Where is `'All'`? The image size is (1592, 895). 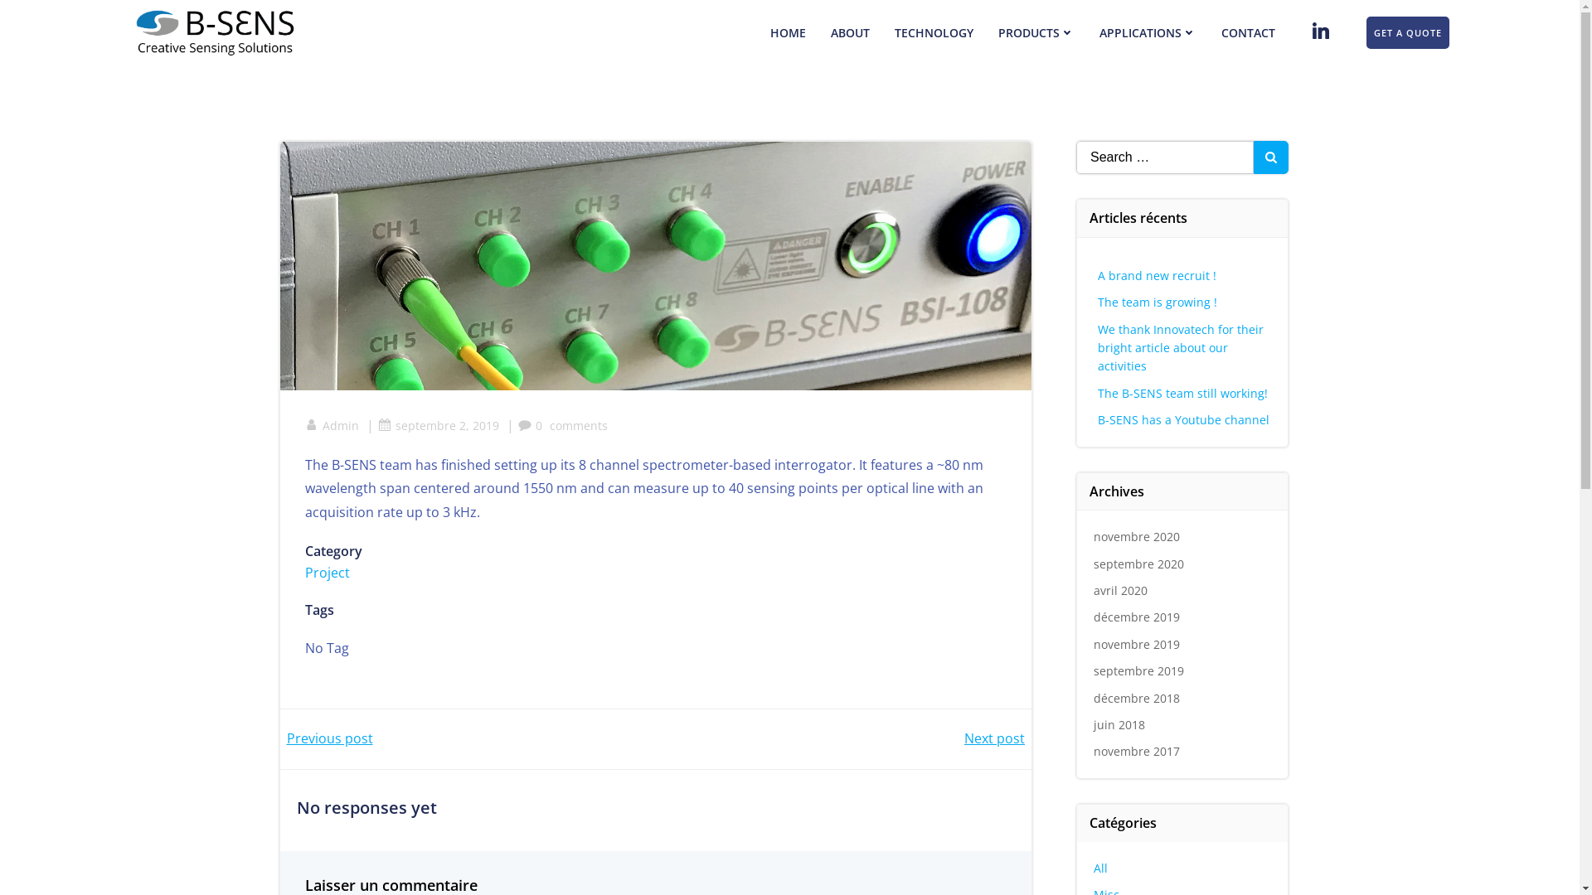
'All' is located at coordinates (1100, 867).